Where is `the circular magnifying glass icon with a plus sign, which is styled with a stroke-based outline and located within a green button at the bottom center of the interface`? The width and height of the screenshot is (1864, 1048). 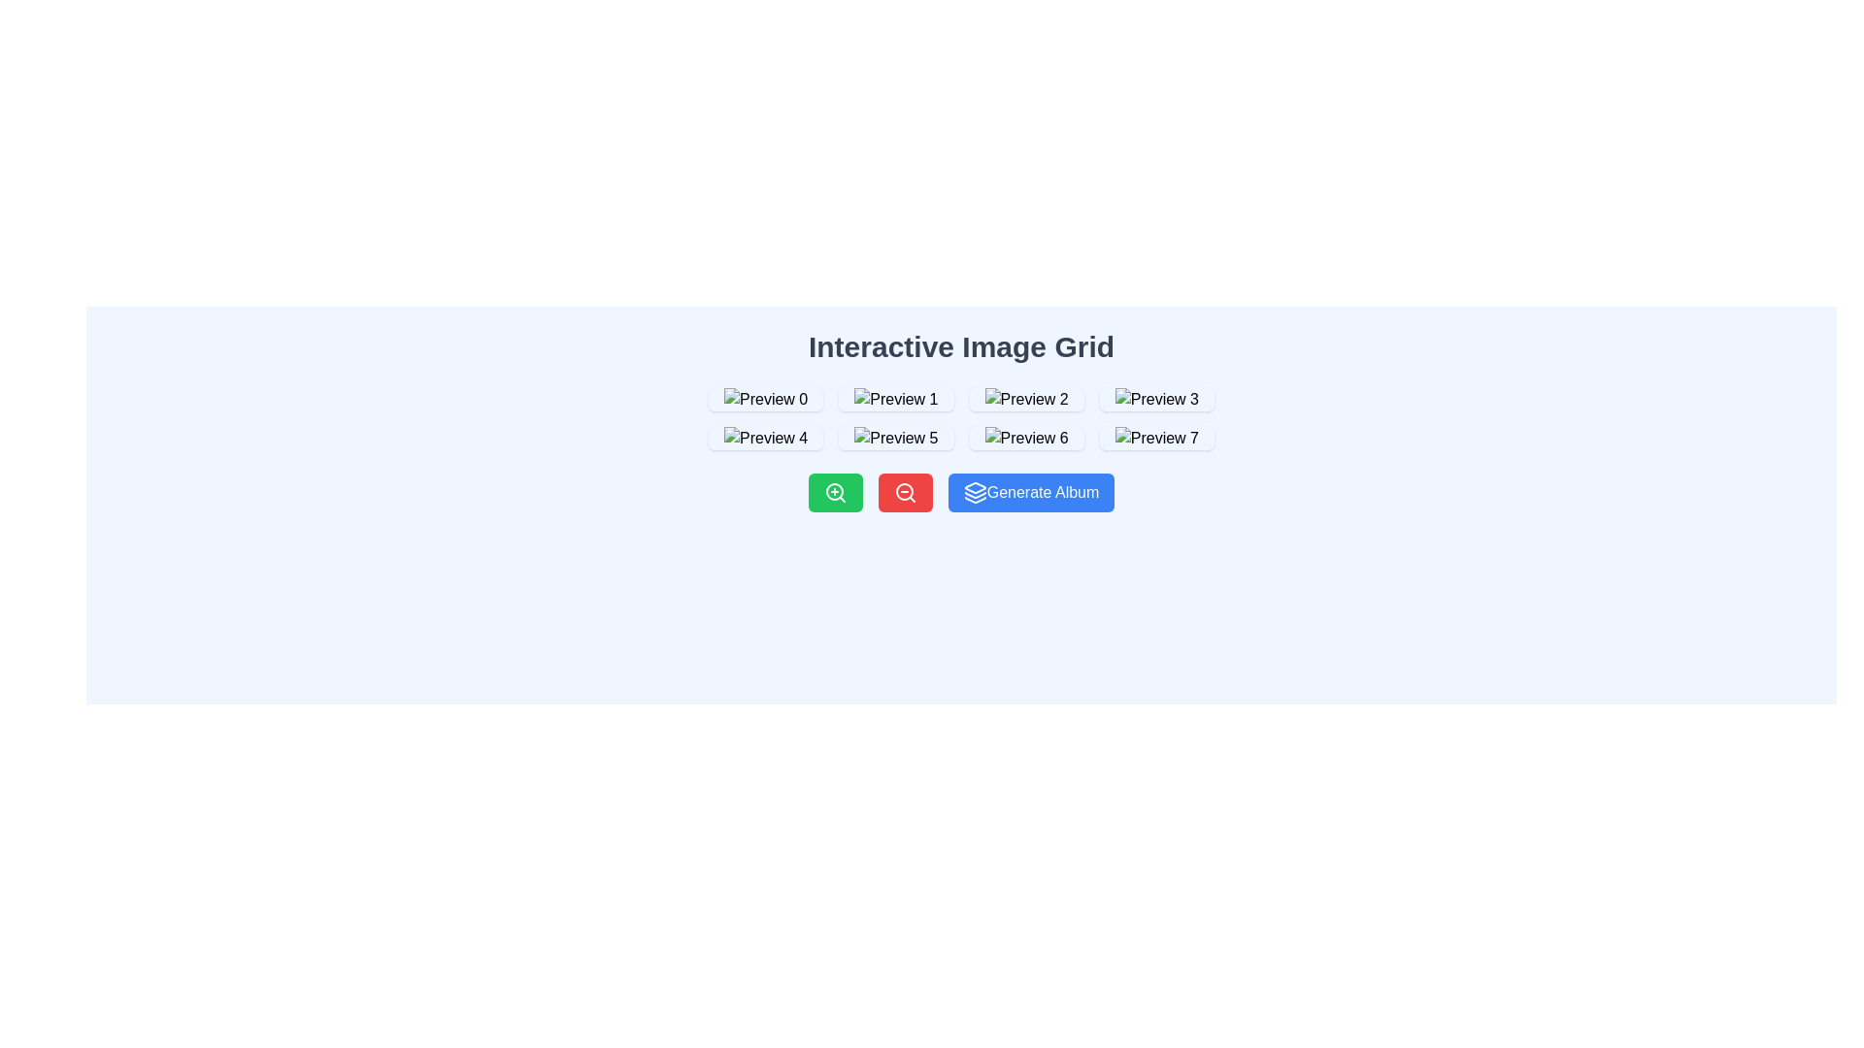 the circular magnifying glass icon with a plus sign, which is styled with a stroke-based outline and located within a green button at the bottom center of the interface is located at coordinates (835, 492).